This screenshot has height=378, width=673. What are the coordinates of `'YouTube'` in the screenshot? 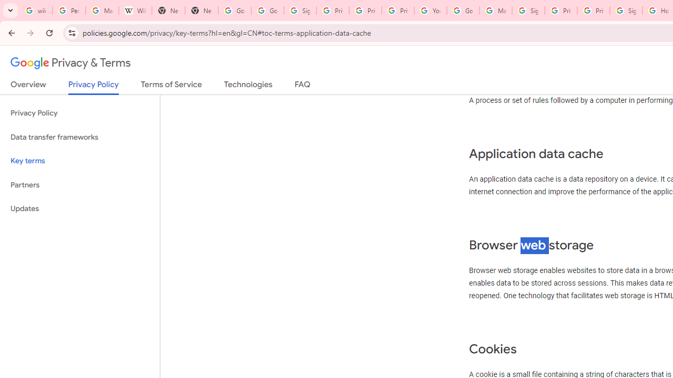 It's located at (431, 10).